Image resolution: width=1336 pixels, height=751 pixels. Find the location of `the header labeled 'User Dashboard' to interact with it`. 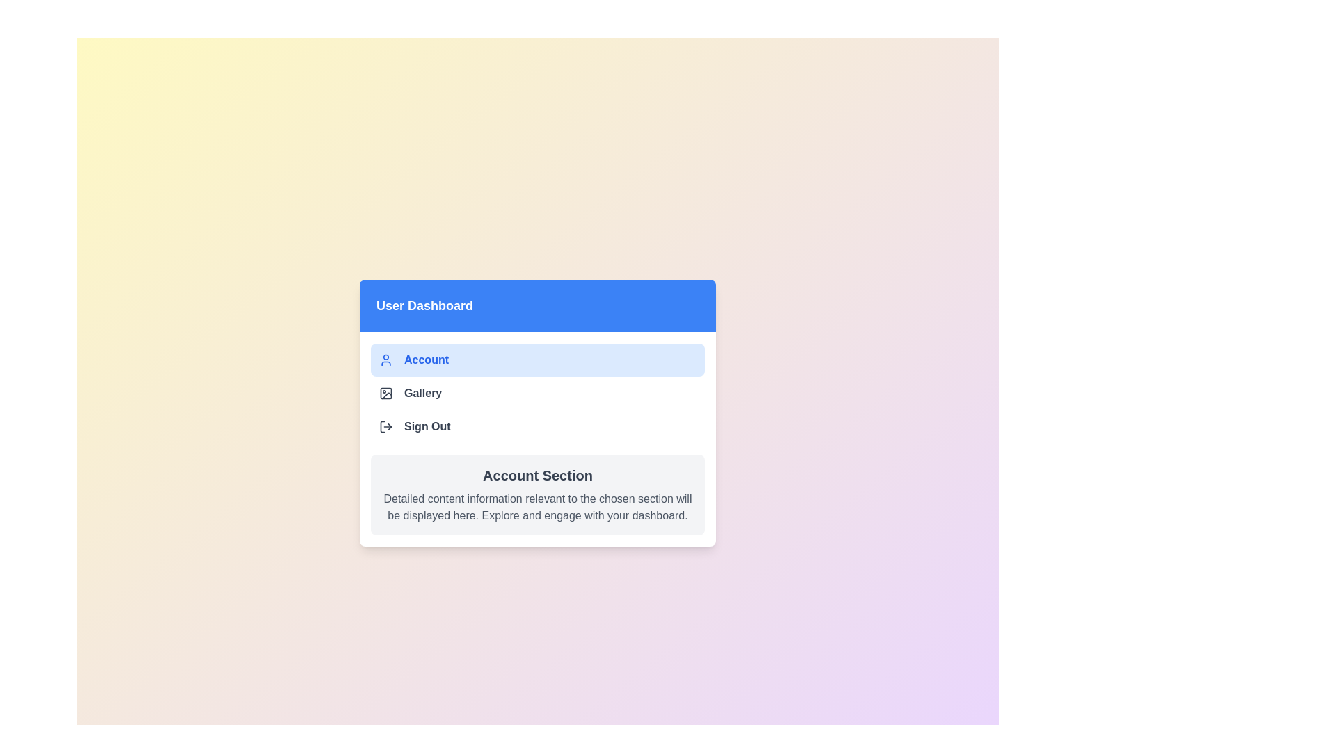

the header labeled 'User Dashboard' to interact with it is located at coordinates (536, 305).